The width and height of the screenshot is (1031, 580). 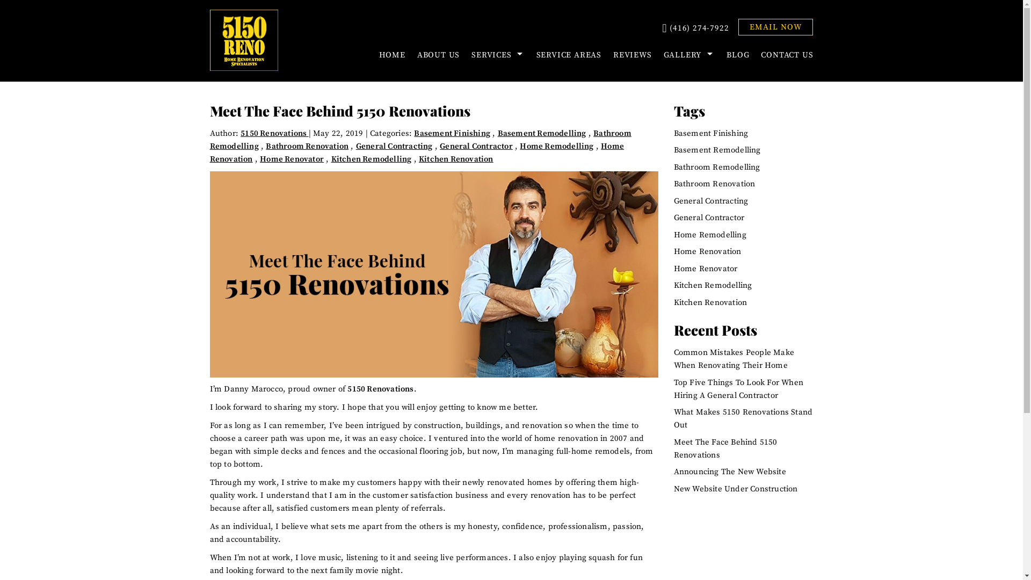 What do you see at coordinates (737, 26) in the screenshot?
I see `'EMAIL NOW'` at bounding box center [737, 26].